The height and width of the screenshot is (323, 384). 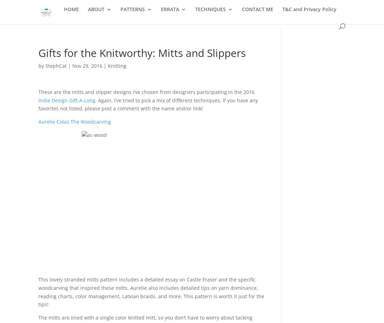 What do you see at coordinates (226, 42) in the screenshot?
I see `'Abbreviations'` at bounding box center [226, 42].